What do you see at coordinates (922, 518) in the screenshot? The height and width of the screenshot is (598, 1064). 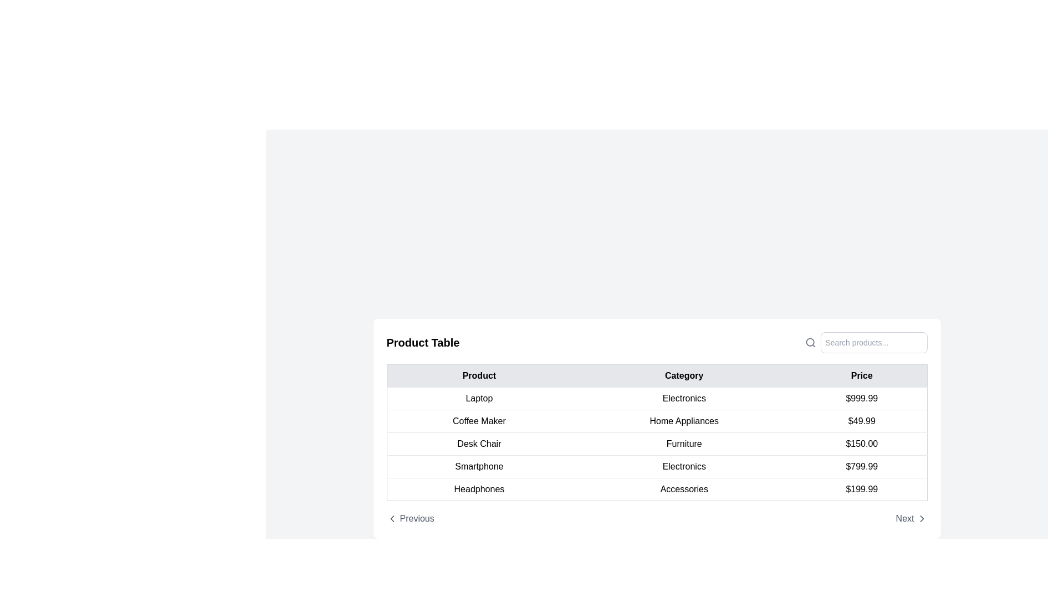 I see `the chevron icon located at the bottom-right corner of the pagination section` at bounding box center [922, 518].